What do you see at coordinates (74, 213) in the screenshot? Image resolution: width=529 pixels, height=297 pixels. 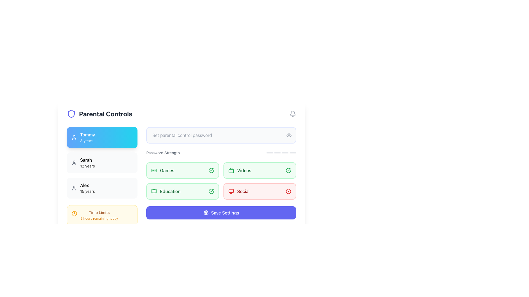 I see `the decorative time icon located in the left sidebar, next to the 'Time Limits 2 hours remaining today' yellow card` at bounding box center [74, 213].